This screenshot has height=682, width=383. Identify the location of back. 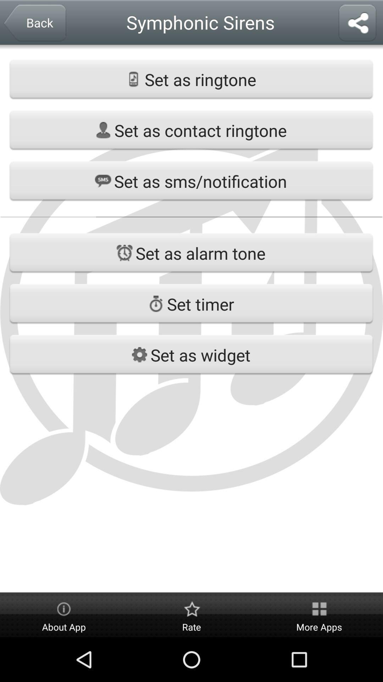
(34, 24).